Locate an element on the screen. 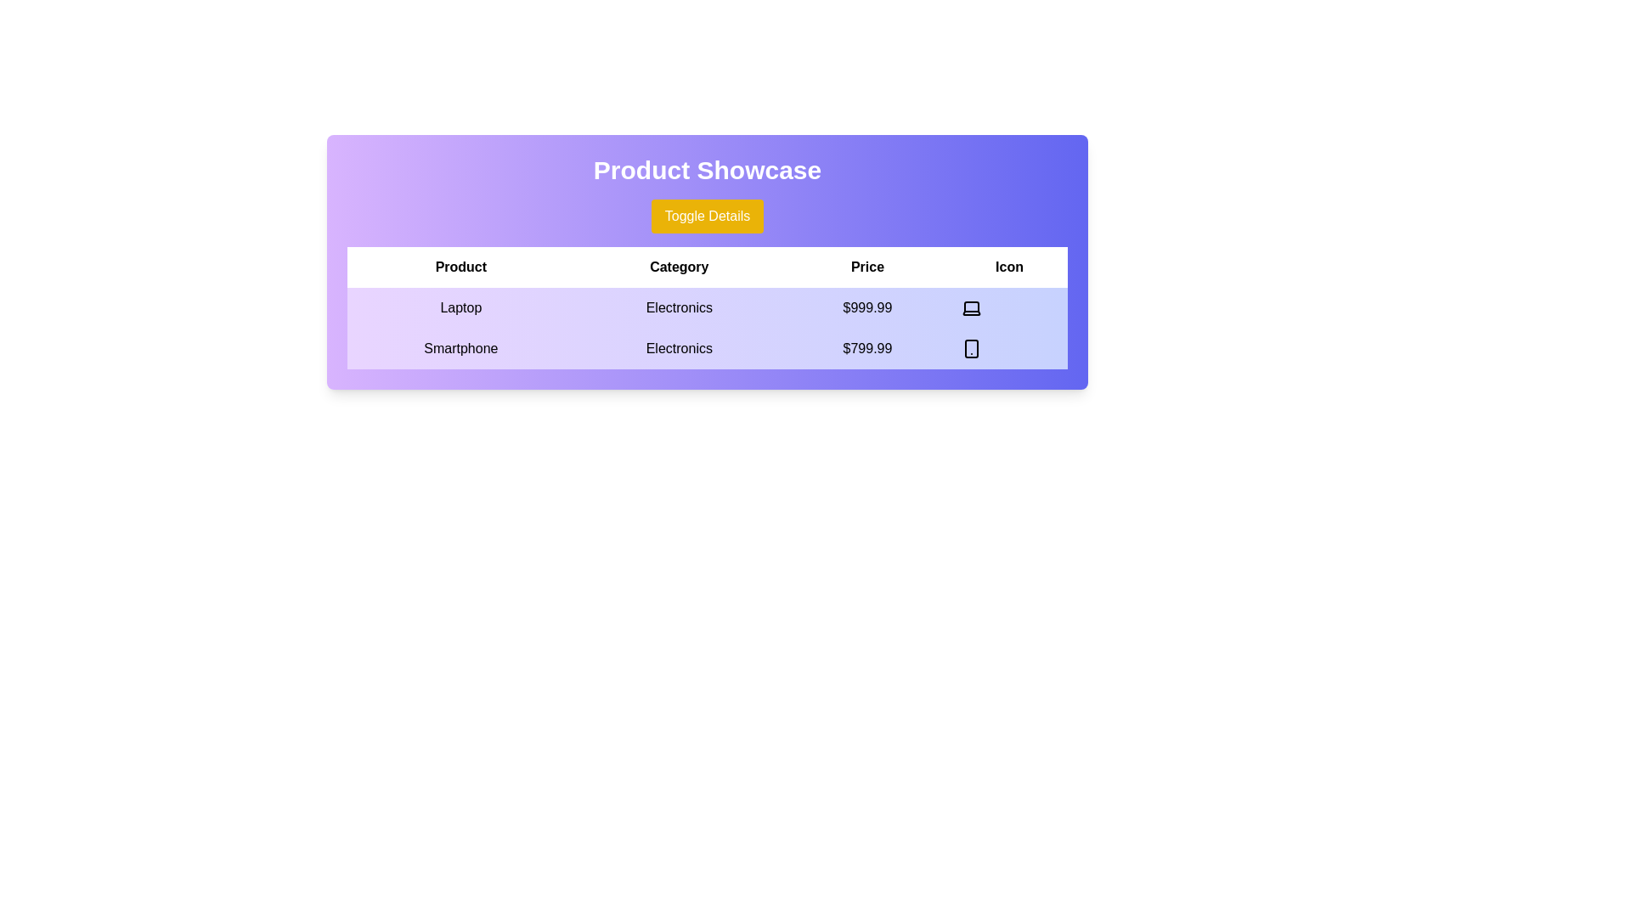  the table cell that displays product information, specifically the second cell in the first row of a two-row table located at the center of the interface is located at coordinates (708, 307).